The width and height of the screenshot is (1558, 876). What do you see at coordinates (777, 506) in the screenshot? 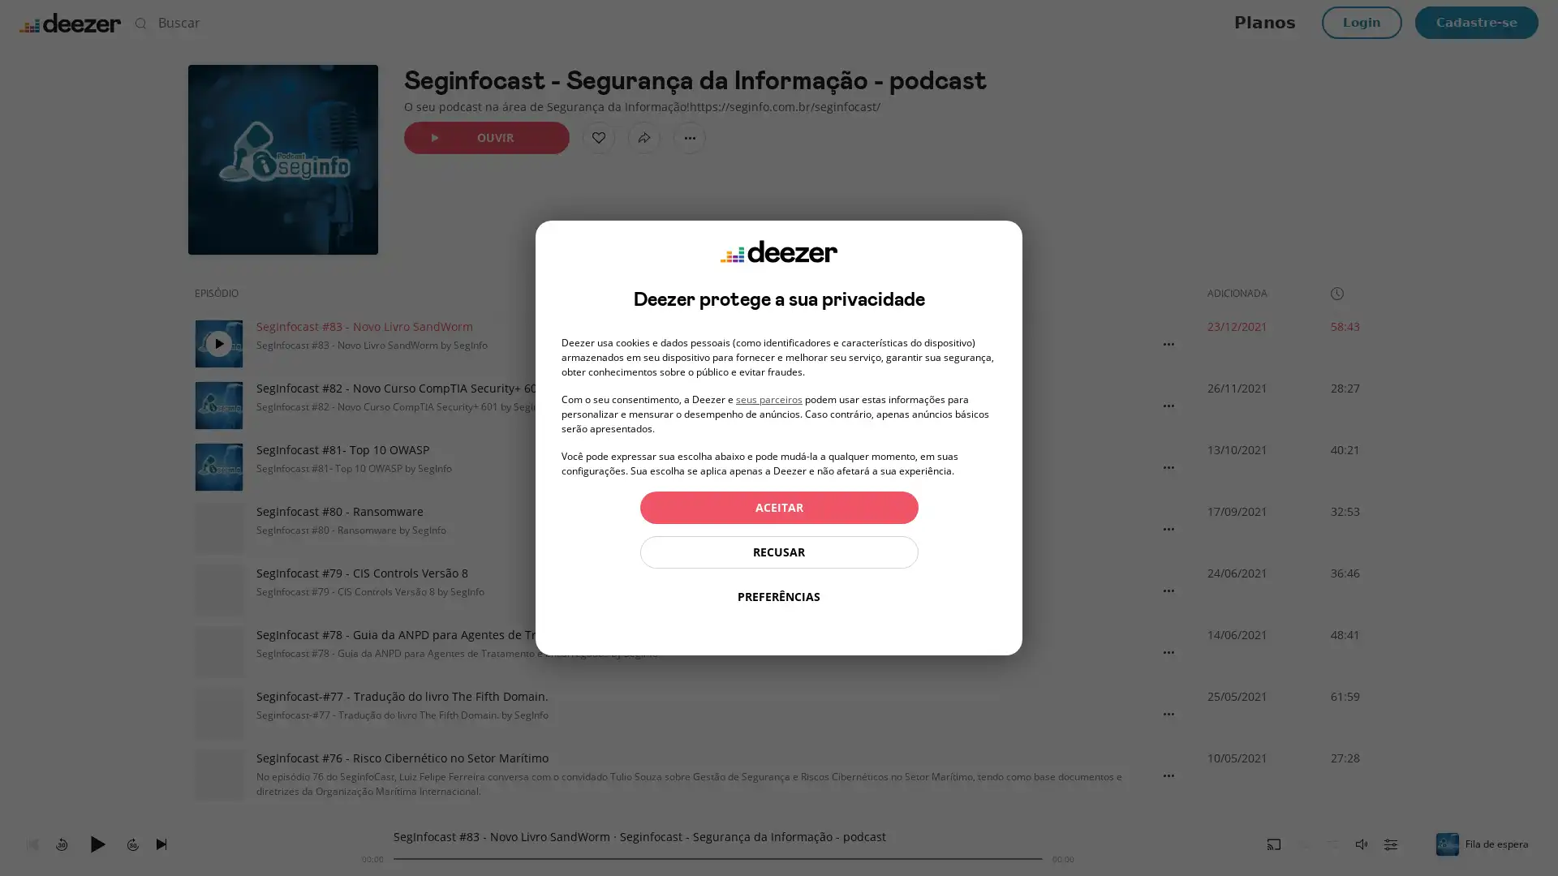
I see `ACEITAR` at bounding box center [777, 506].